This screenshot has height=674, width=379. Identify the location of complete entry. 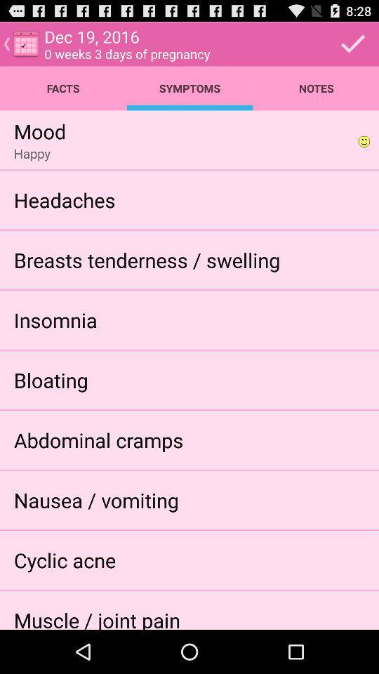
(352, 44).